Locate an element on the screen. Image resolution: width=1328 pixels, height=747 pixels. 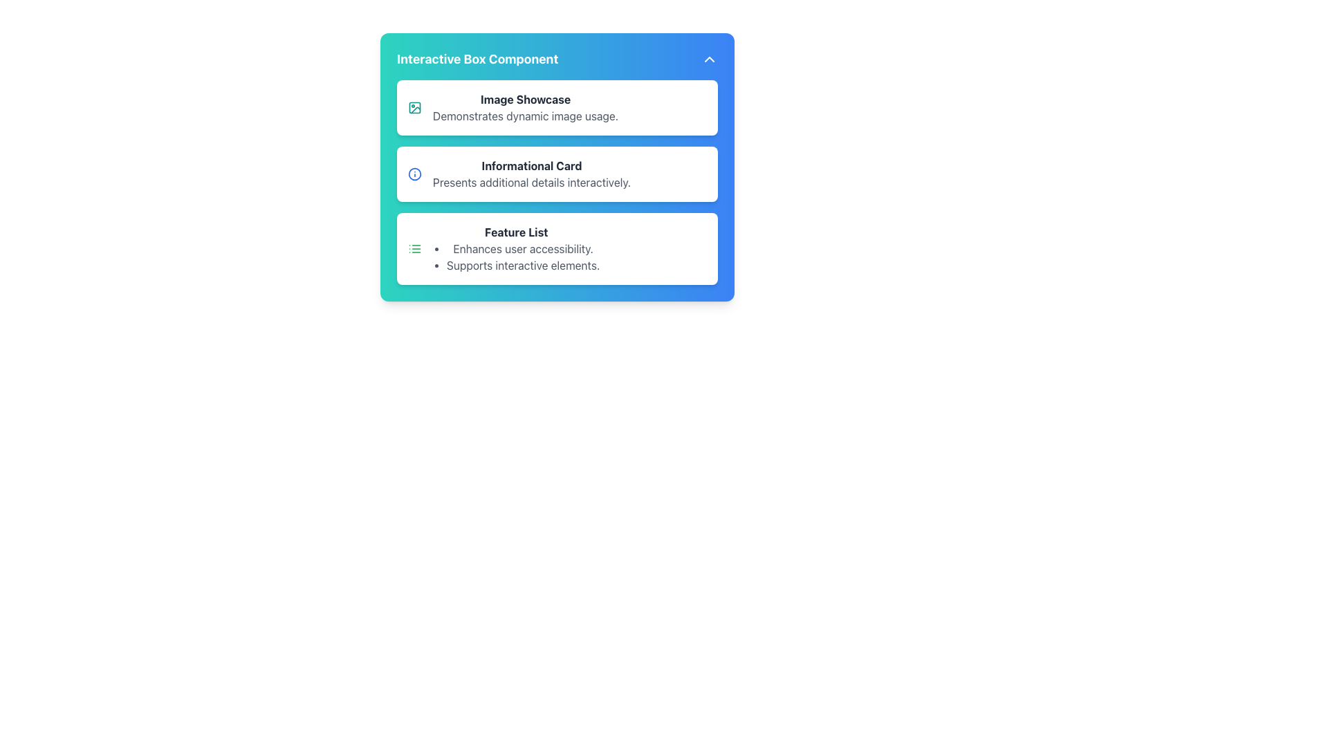
text block that serves as a labeled description for a feature, which combines a title and a subtitle about dynamic image functionality, positioned centrally at the top of a white rounded box is located at coordinates (525, 107).